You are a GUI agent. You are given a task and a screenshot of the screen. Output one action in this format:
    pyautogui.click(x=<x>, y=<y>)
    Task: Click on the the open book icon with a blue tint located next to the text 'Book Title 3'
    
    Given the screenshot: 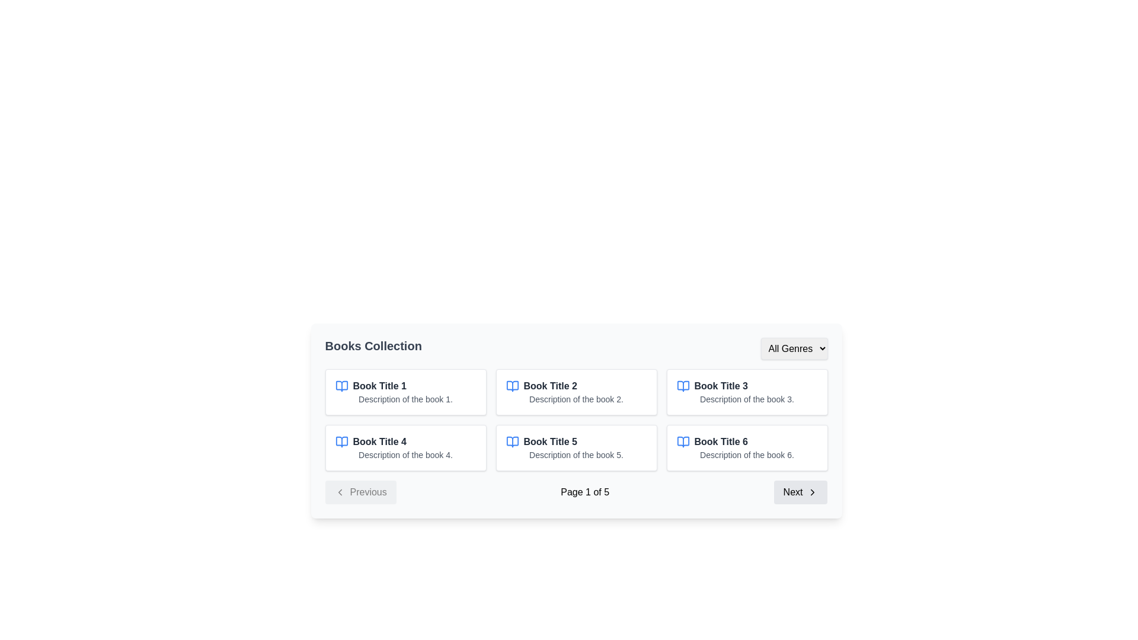 What is the action you would take?
    pyautogui.click(x=683, y=386)
    